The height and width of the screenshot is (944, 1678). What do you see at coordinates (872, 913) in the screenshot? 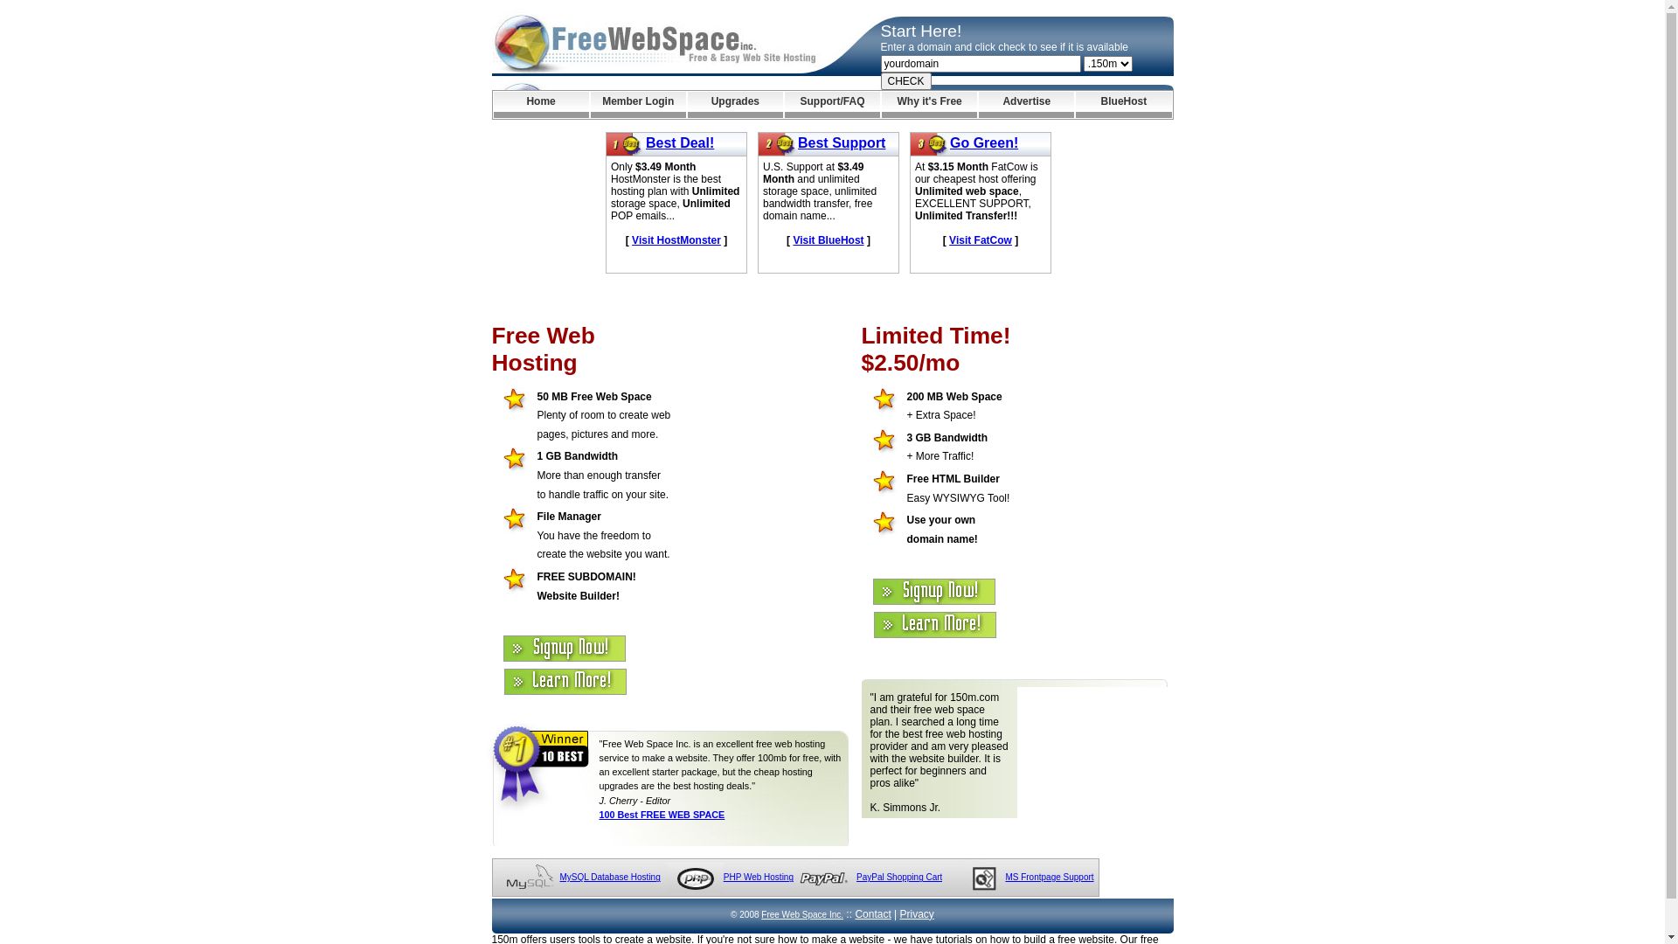
I see `'Contact'` at bounding box center [872, 913].